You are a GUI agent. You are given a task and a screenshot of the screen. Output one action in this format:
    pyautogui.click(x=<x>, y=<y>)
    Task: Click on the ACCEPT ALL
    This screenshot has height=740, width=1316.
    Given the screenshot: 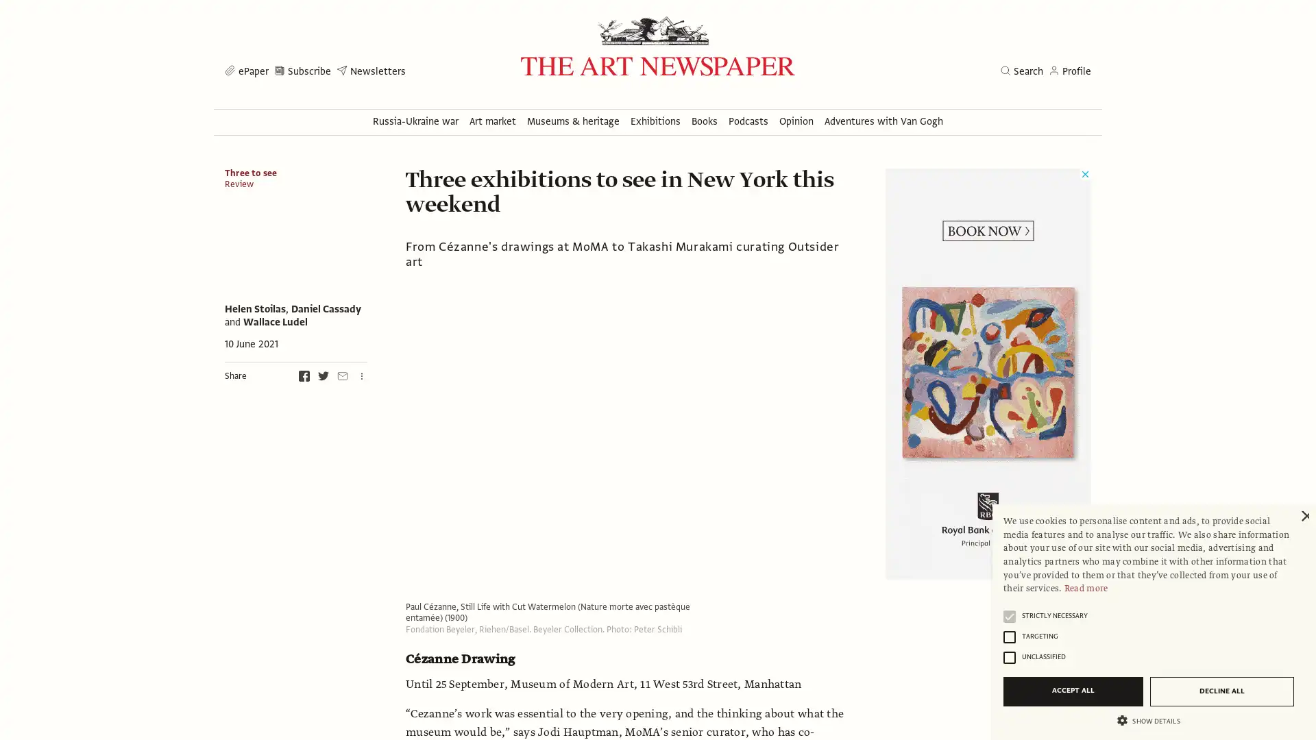 What is the action you would take?
    pyautogui.click(x=1072, y=691)
    